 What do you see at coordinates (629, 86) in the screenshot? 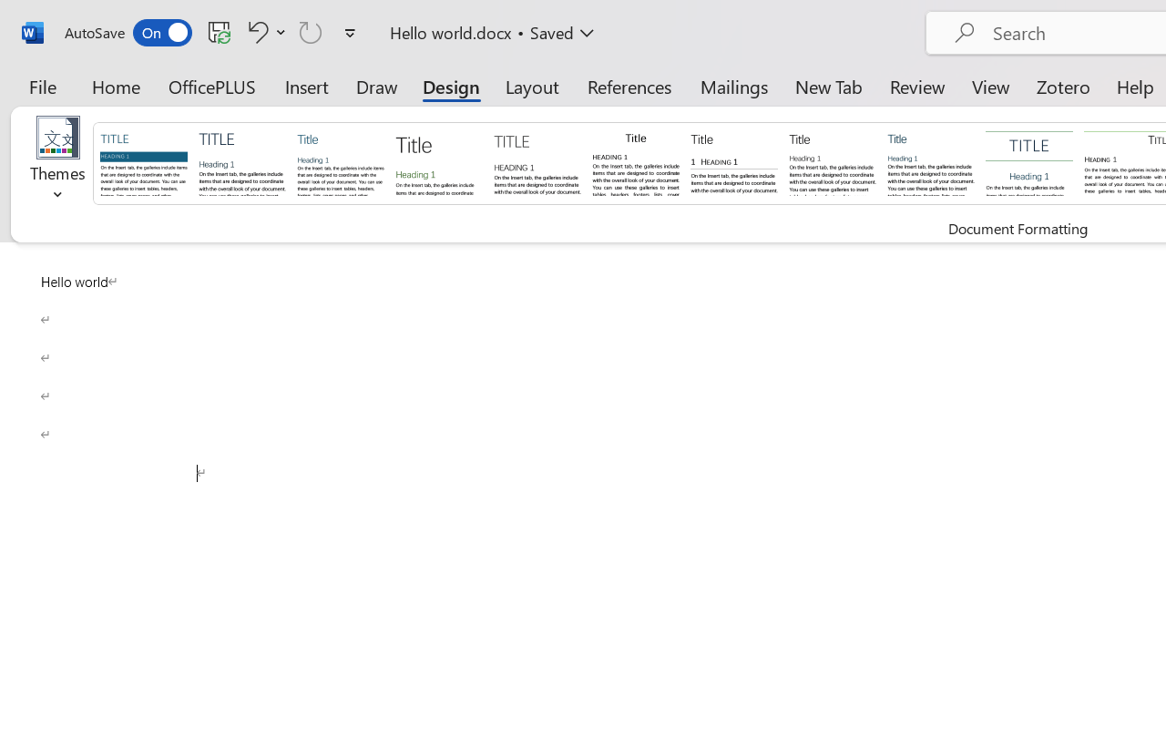
I see `'References'` at bounding box center [629, 86].